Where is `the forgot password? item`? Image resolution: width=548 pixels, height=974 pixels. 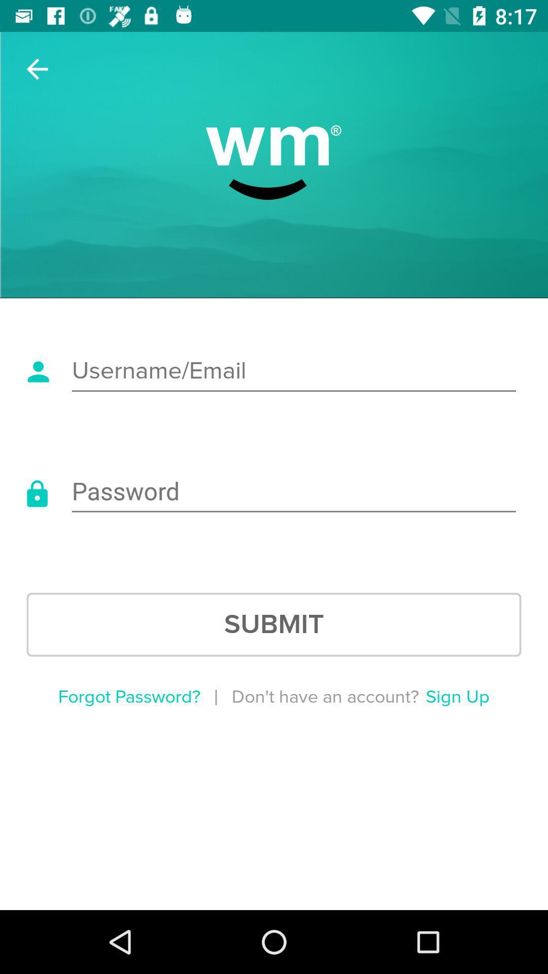
the forgot password? item is located at coordinates (128, 697).